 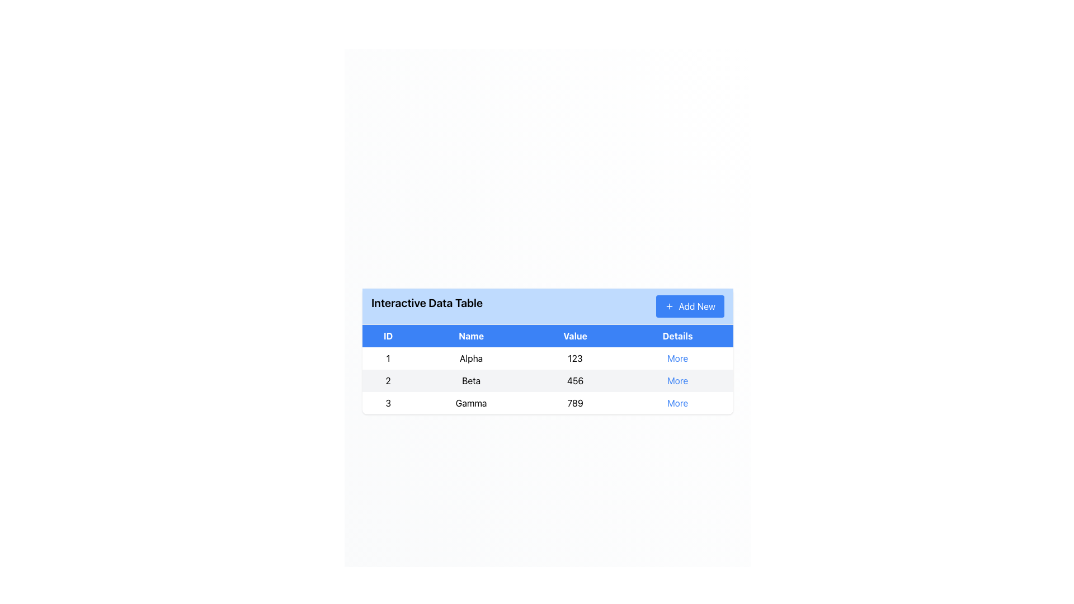 What do you see at coordinates (677, 358) in the screenshot?
I see `the interactive Text link or button in the last column of the first row of the table` at bounding box center [677, 358].